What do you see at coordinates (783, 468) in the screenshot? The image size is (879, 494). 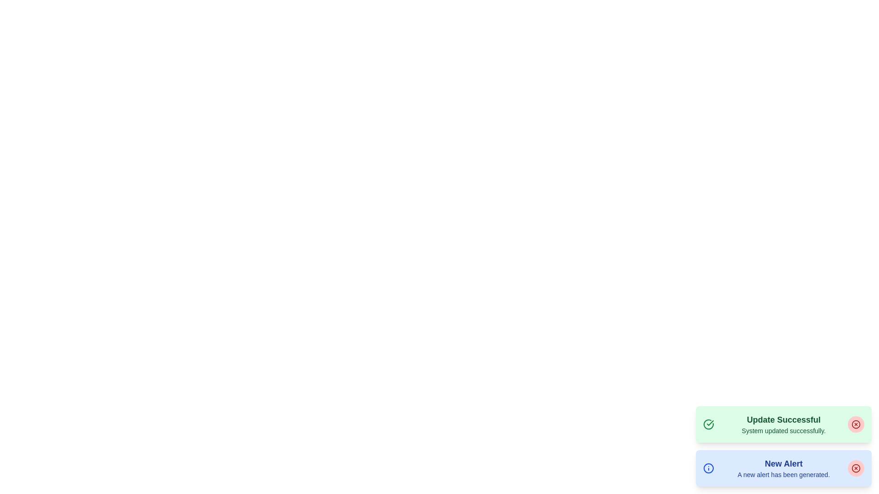 I see `the notification with title New Alert` at bounding box center [783, 468].